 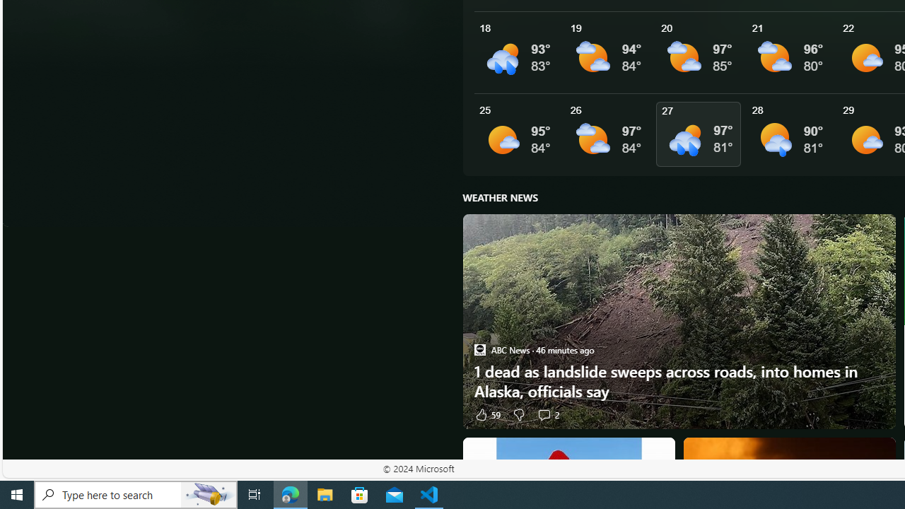 What do you see at coordinates (547, 414) in the screenshot?
I see `'View comments 2 Comment'` at bounding box center [547, 414].